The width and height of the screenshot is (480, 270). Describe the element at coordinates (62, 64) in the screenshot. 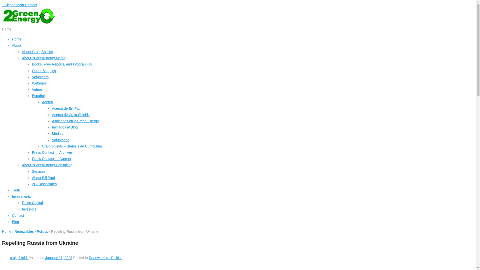

I see `'Books, Free Reports, and Infographics'` at that location.